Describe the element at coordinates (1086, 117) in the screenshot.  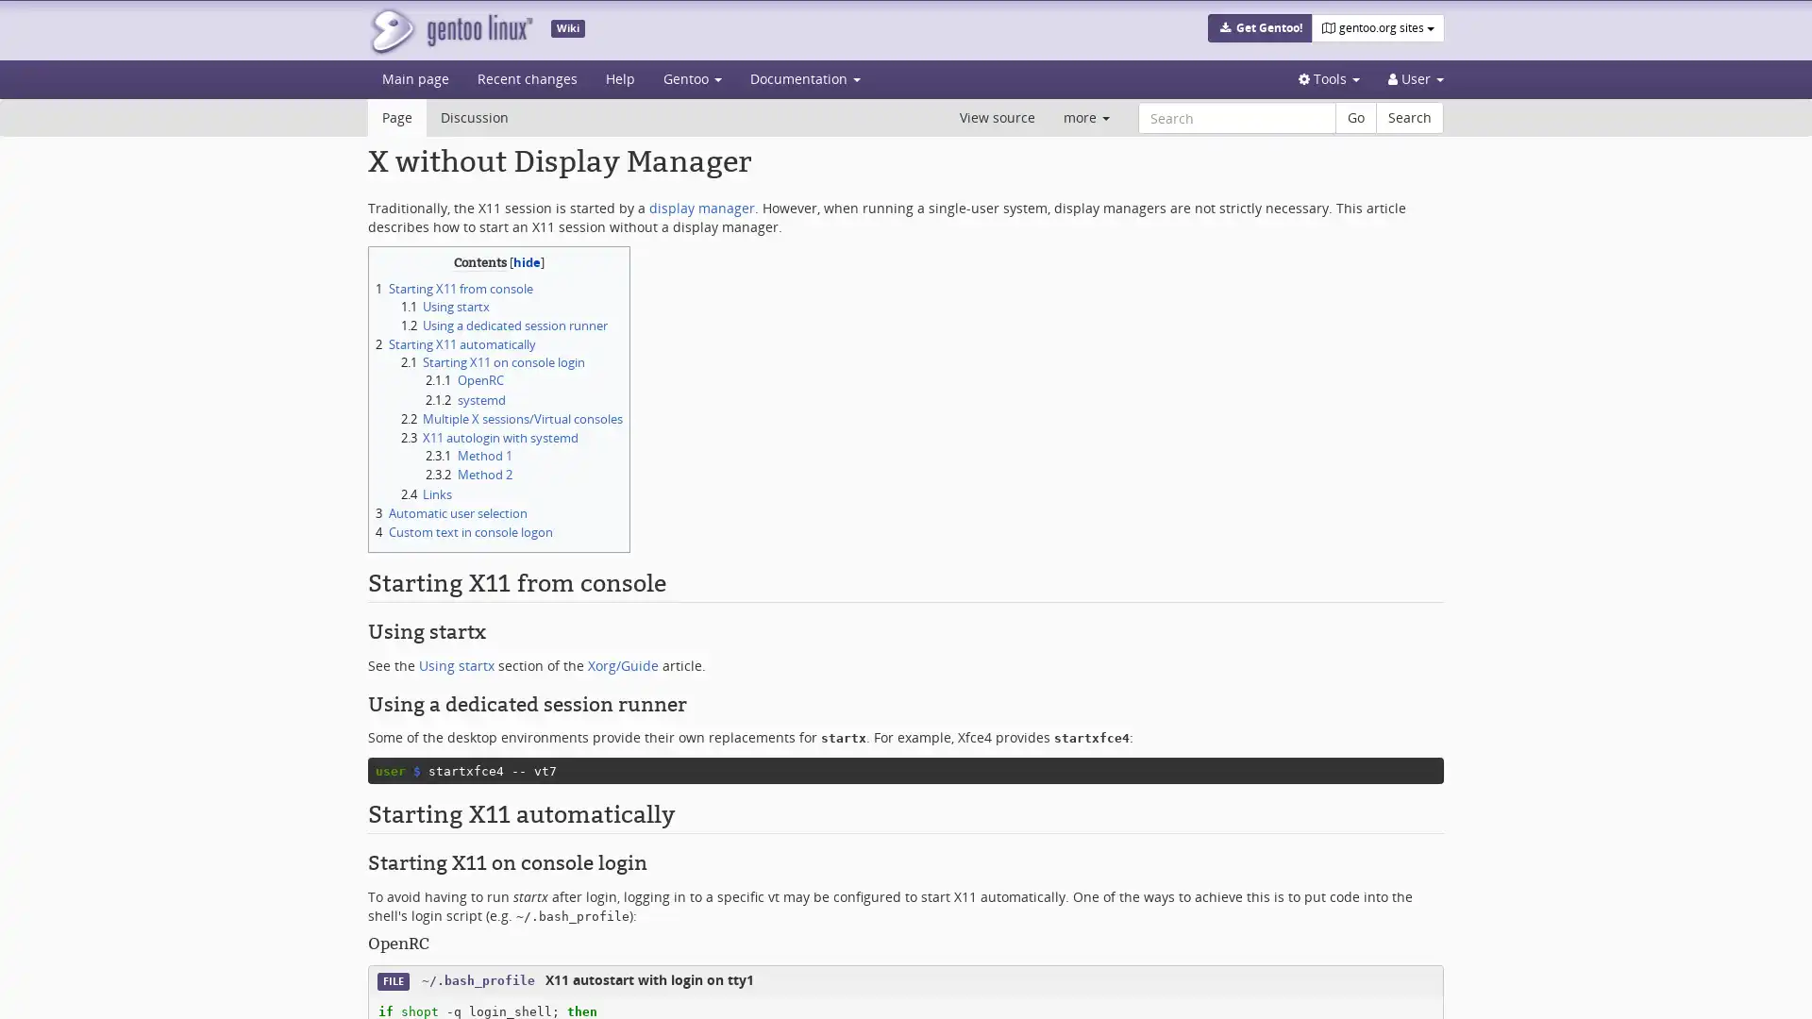
I see `more` at that location.